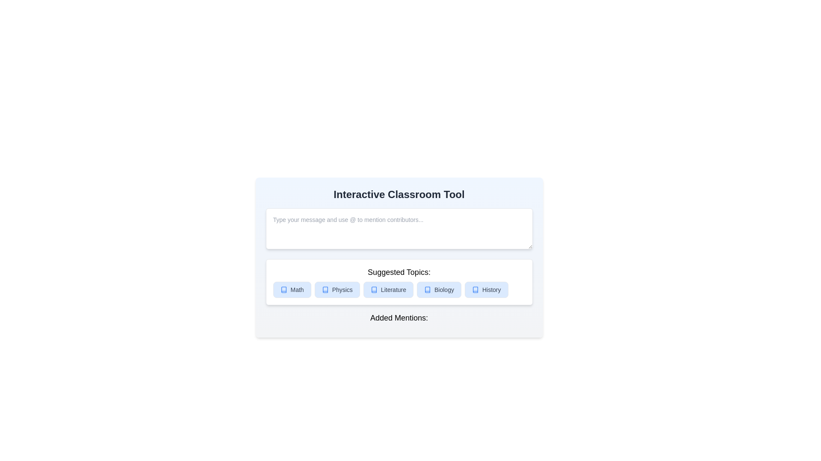 Image resolution: width=821 pixels, height=461 pixels. I want to click on label that serves as a section header, located at the bottom of the layout, centered horizontally, directly underneath the topic buttons, so click(399, 318).